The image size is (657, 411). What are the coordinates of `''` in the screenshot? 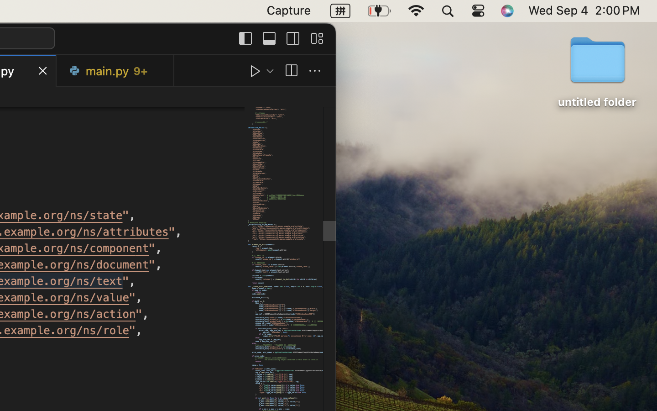 It's located at (255, 71).